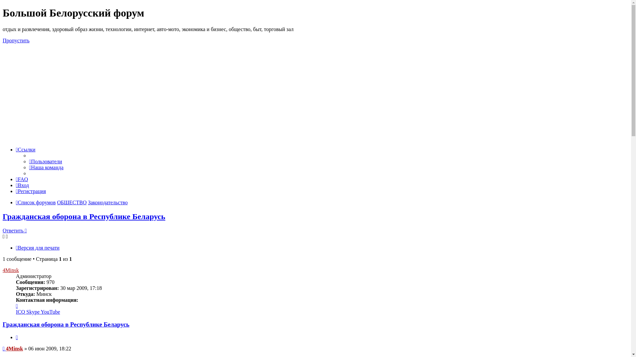 The width and height of the screenshot is (636, 357). Describe the element at coordinates (6, 348) in the screenshot. I see `'4Minsk'` at that location.